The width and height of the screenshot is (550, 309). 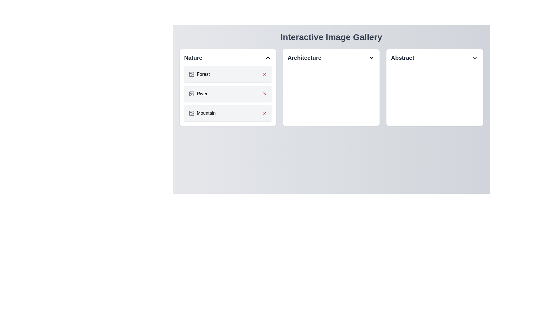 What do you see at coordinates (331, 37) in the screenshot?
I see `header text element titled 'Interactive Image Gallery' which is centrally aligned at the top of the interface` at bounding box center [331, 37].